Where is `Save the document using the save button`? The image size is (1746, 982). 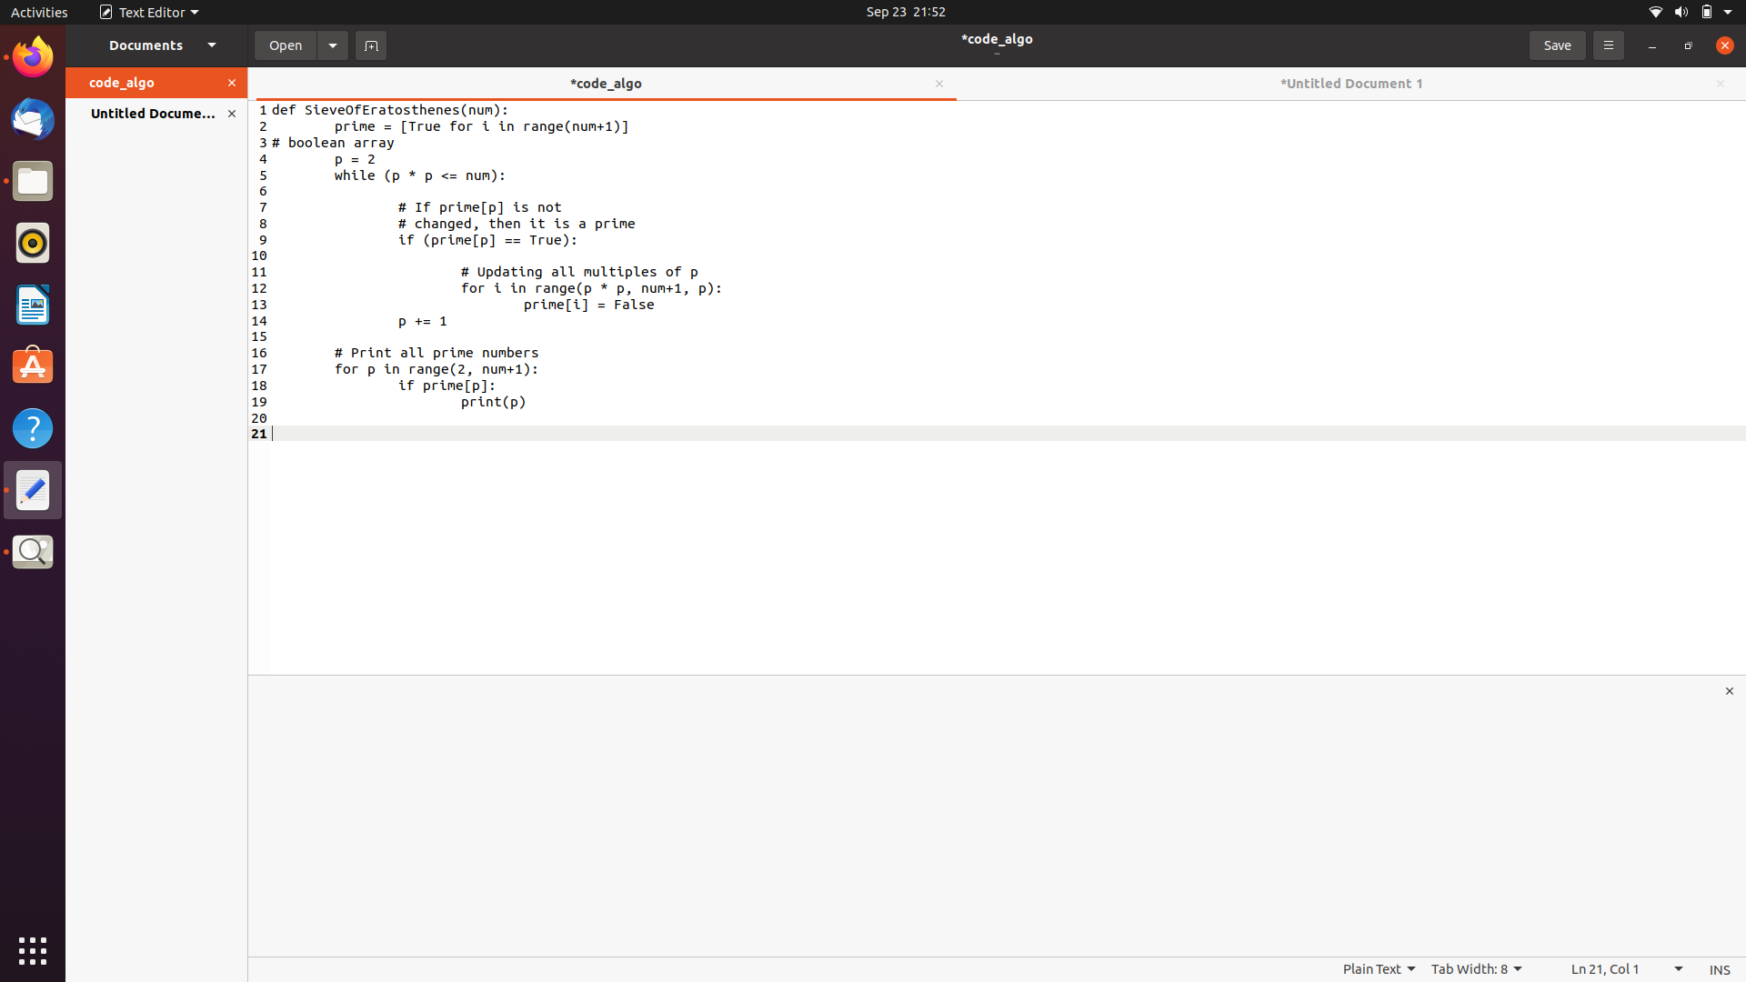
Save the document using the save button is located at coordinates (1556, 43).